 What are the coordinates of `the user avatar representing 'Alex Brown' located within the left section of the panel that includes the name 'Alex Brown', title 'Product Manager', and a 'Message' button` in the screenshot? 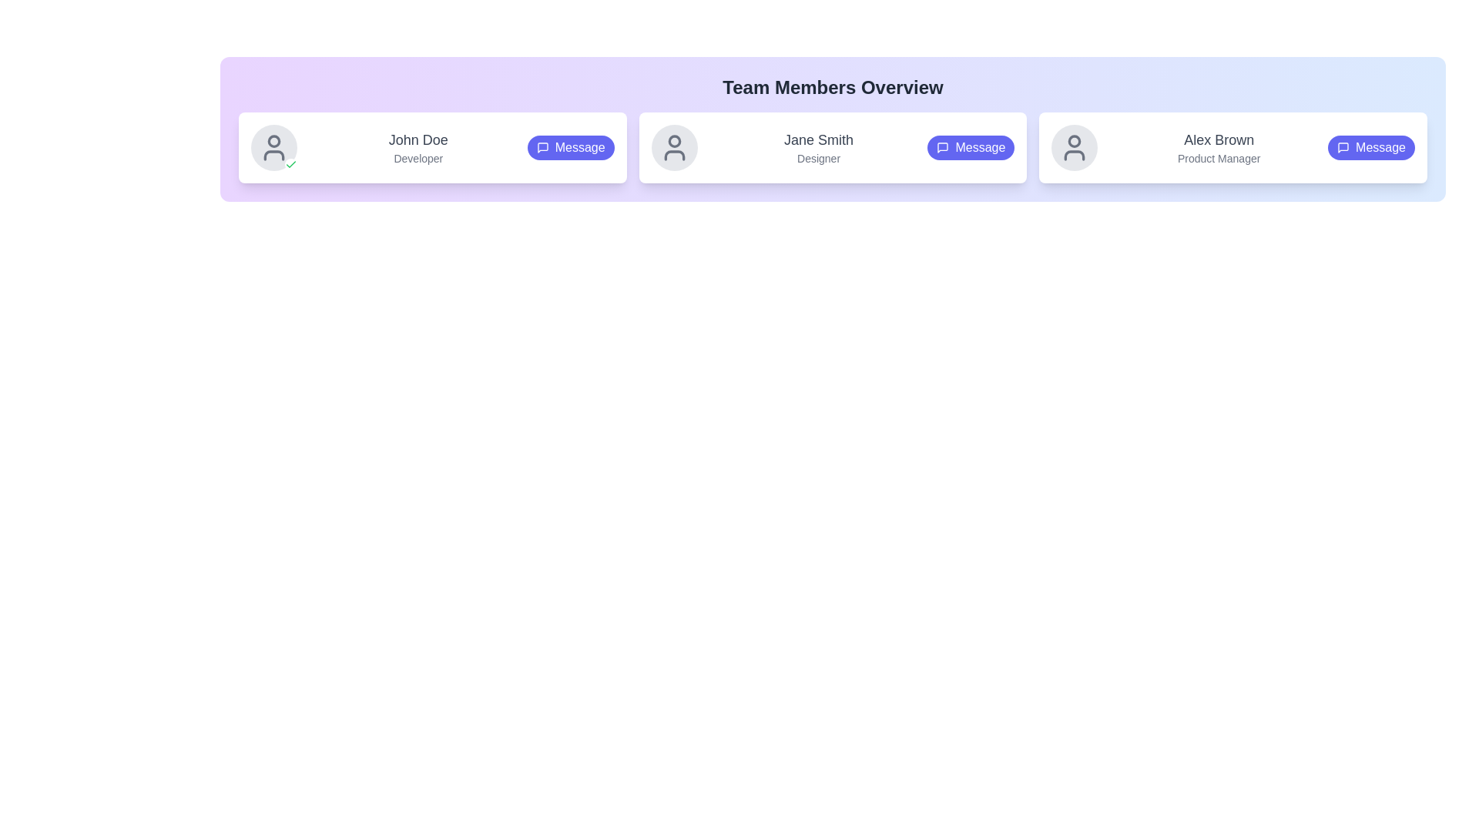 It's located at (1074, 148).